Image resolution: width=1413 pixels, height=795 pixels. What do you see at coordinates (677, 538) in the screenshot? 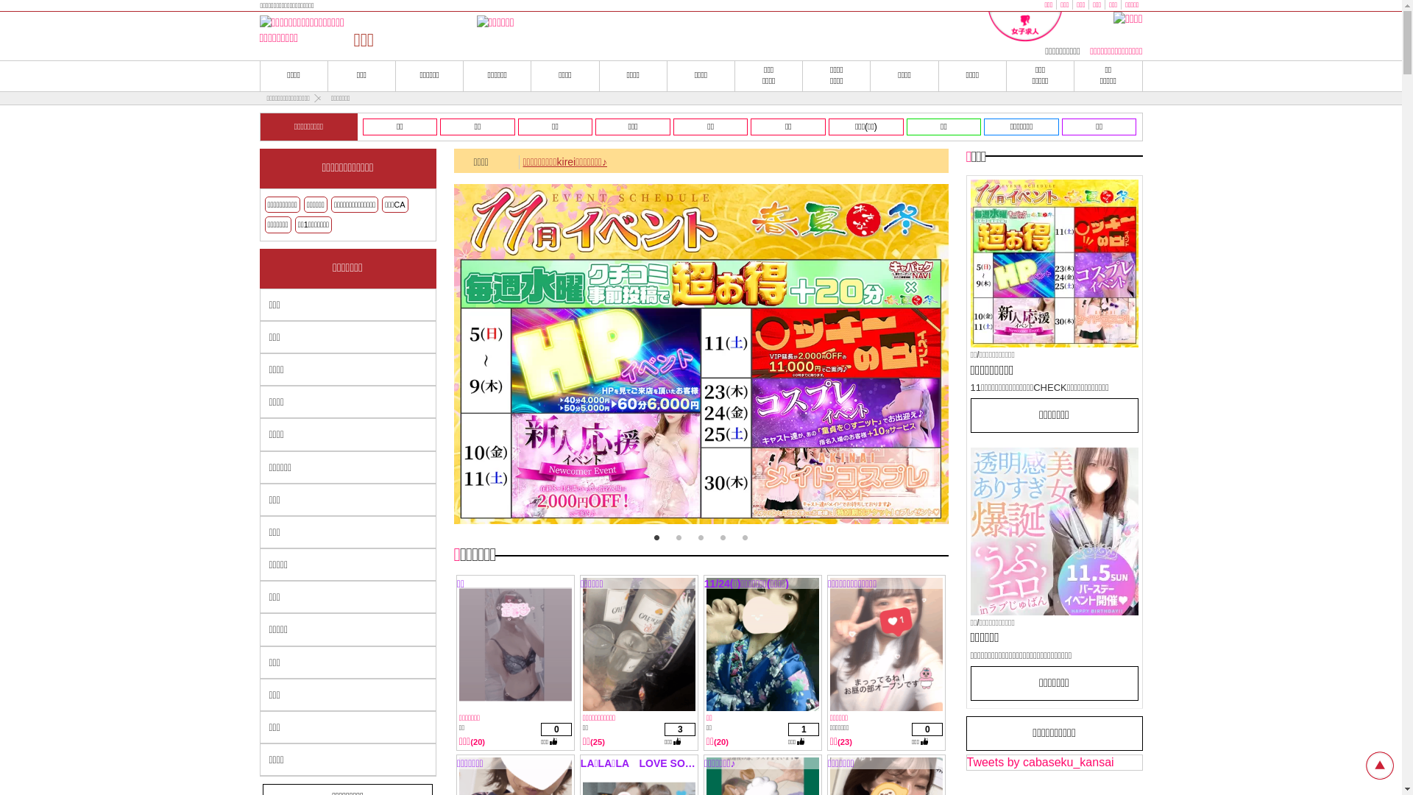
I see `'2'` at bounding box center [677, 538].